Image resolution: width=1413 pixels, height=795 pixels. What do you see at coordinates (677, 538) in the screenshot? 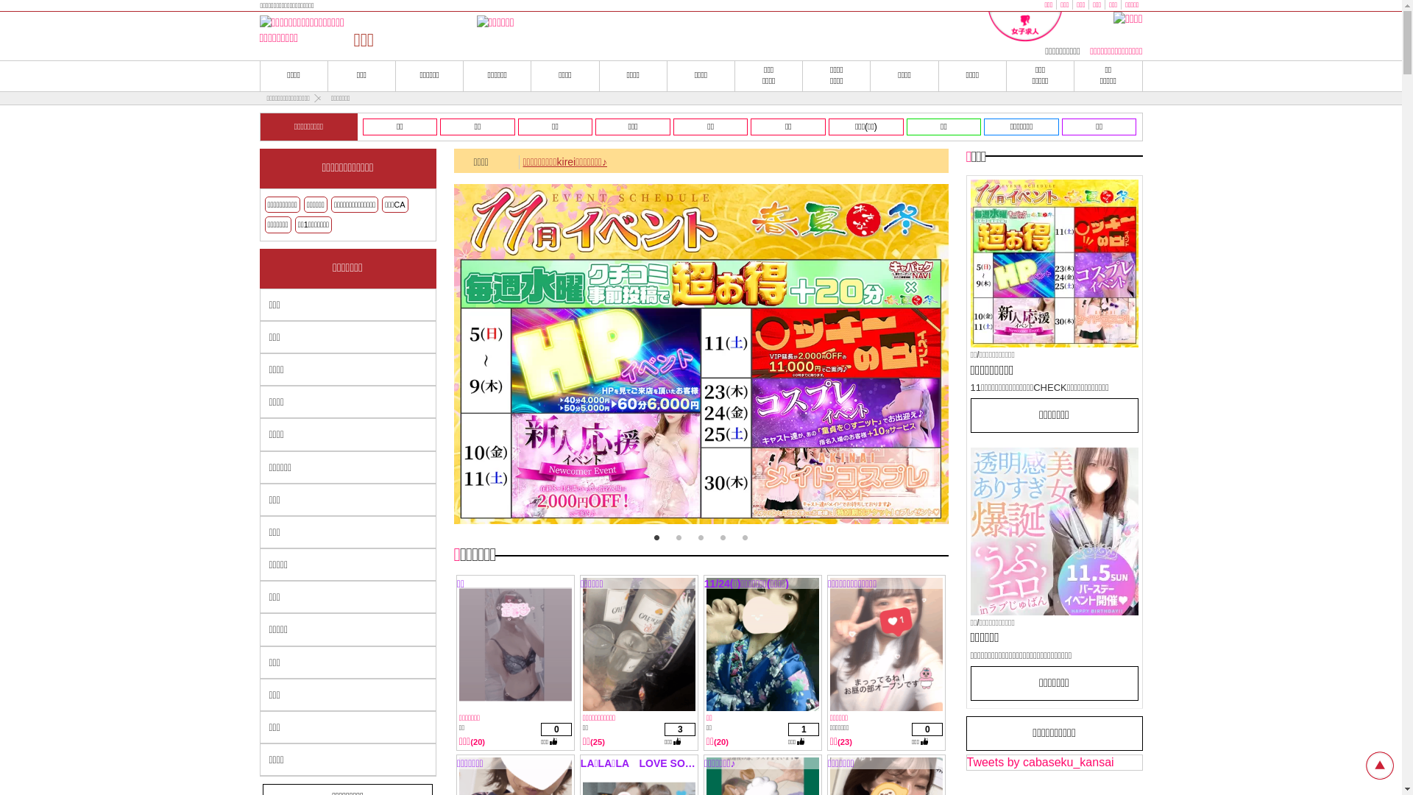
I see `'2'` at bounding box center [677, 538].